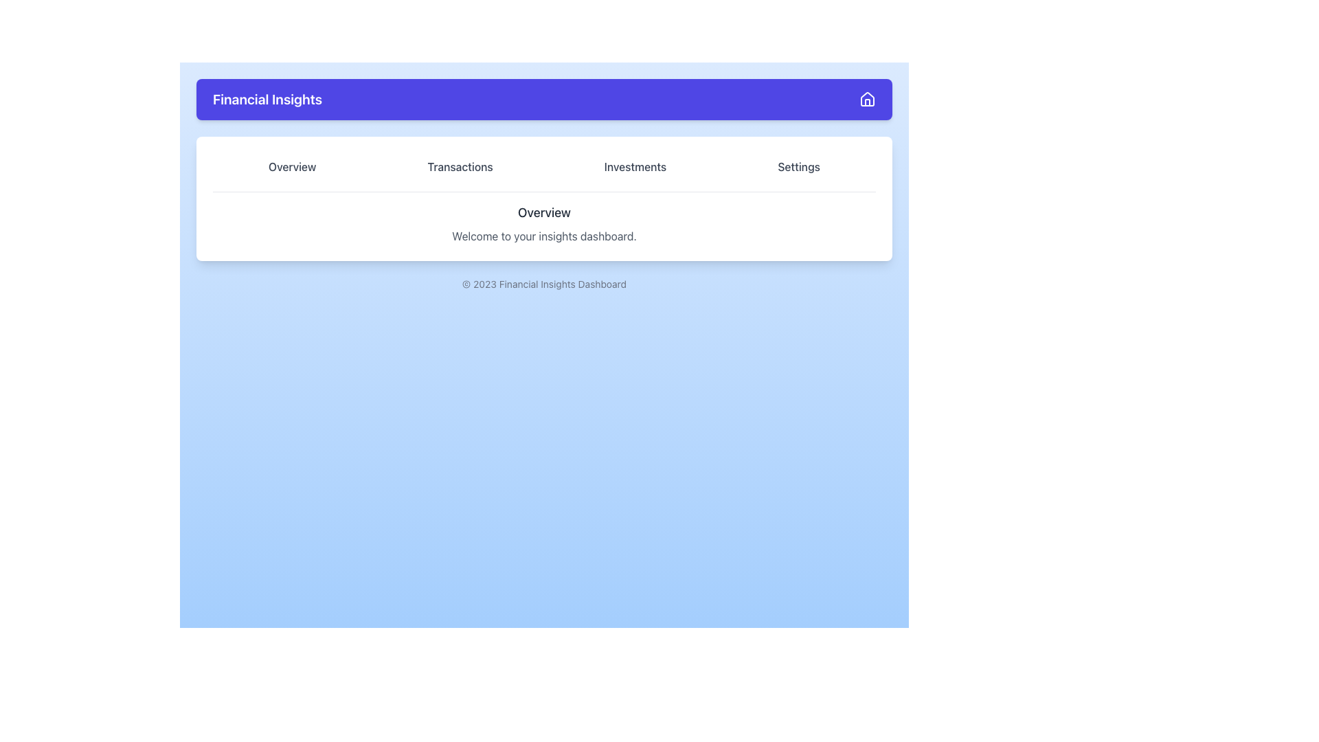  Describe the element at coordinates (866, 99) in the screenshot. I see `the house icon located on the right side of the header bar titled 'Financial Insights' to invoke navigation` at that location.